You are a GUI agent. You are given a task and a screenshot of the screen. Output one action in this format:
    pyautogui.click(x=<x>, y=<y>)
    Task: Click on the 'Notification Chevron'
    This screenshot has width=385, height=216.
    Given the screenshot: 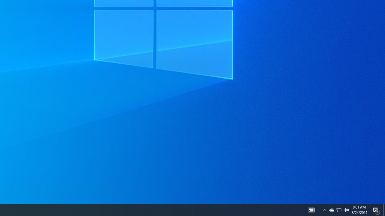 What is the action you would take?
    pyautogui.click(x=324, y=209)
    